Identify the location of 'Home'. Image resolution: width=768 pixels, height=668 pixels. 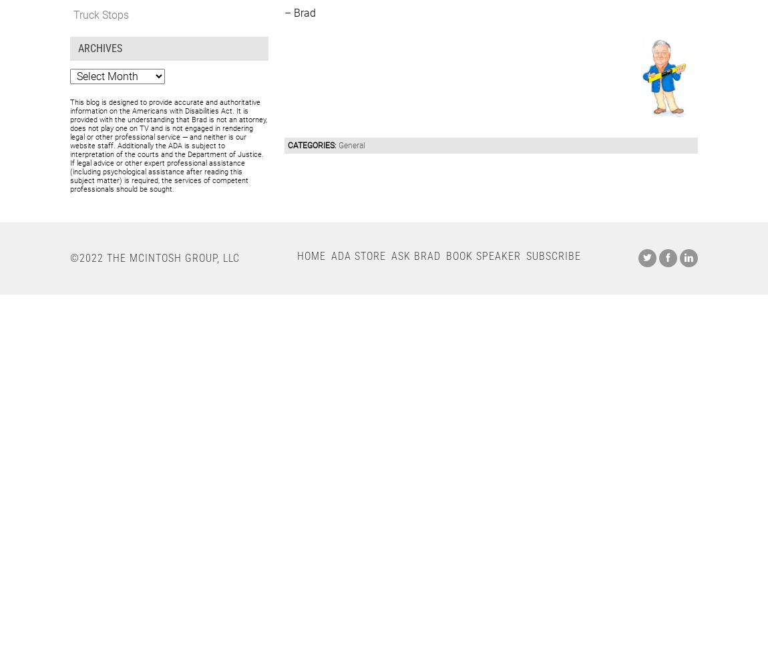
(311, 255).